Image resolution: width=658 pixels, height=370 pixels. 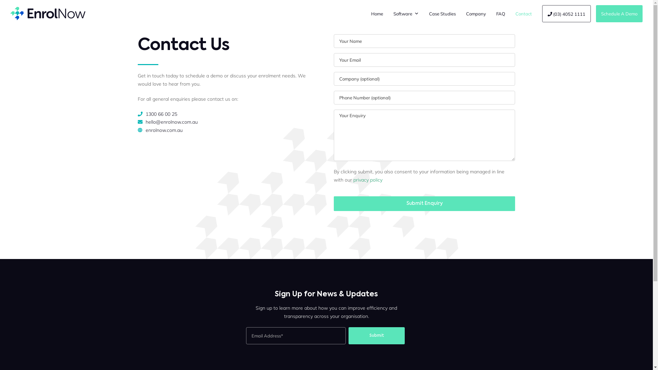 What do you see at coordinates (619, 13) in the screenshot?
I see `'Schedule A Demo'` at bounding box center [619, 13].